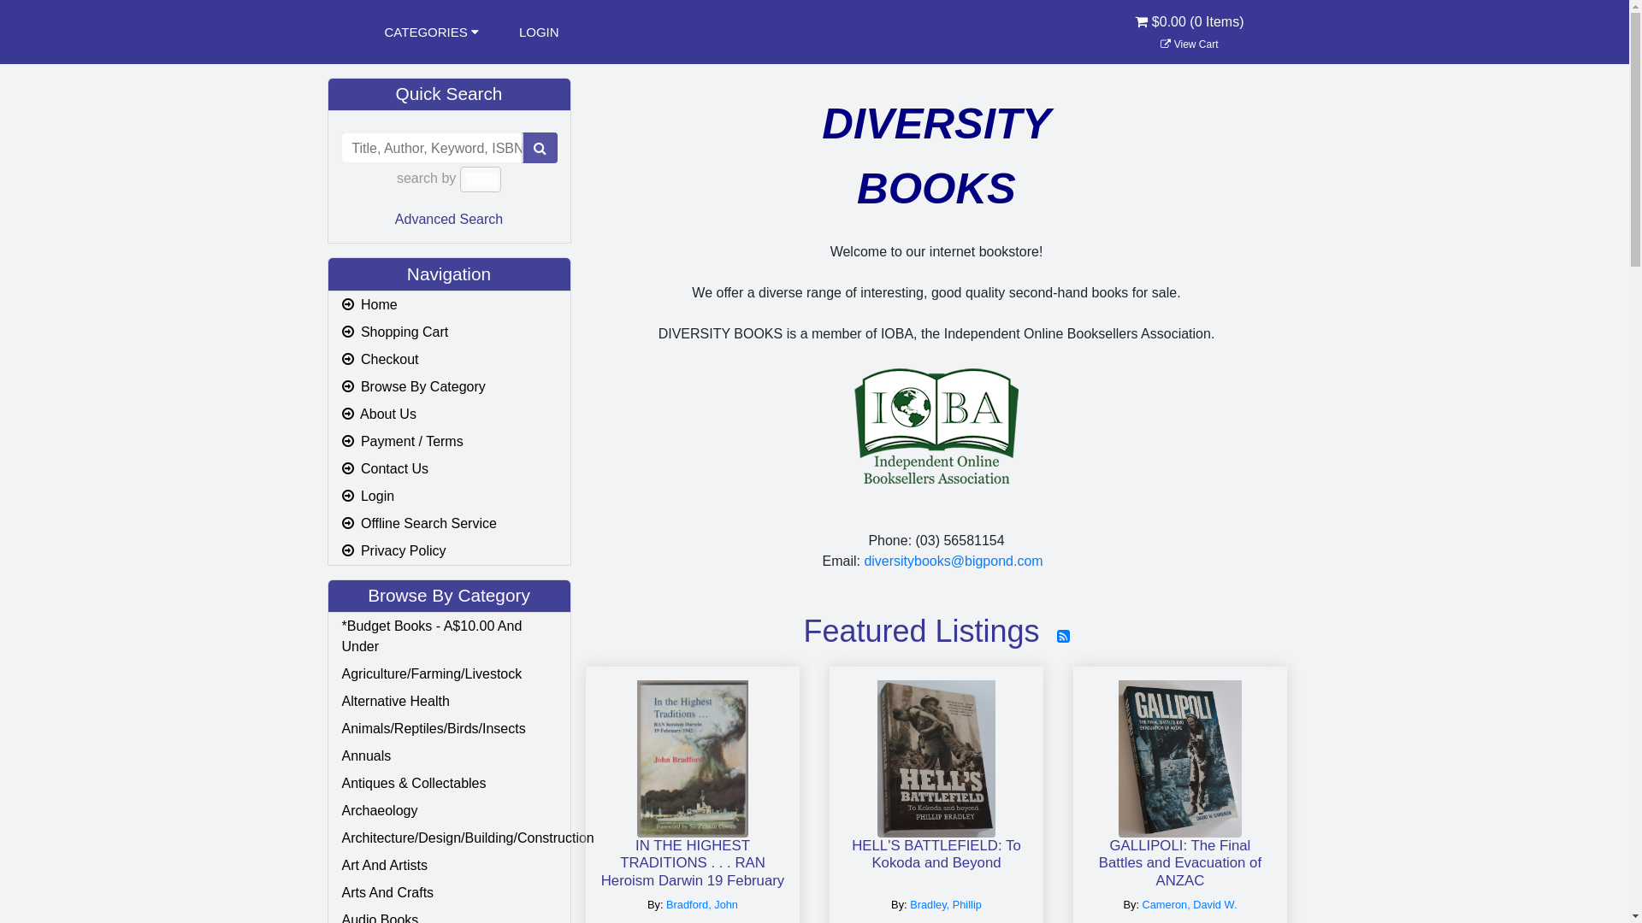  Describe the element at coordinates (1062, 636) in the screenshot. I see `'RSS Feed'` at that location.